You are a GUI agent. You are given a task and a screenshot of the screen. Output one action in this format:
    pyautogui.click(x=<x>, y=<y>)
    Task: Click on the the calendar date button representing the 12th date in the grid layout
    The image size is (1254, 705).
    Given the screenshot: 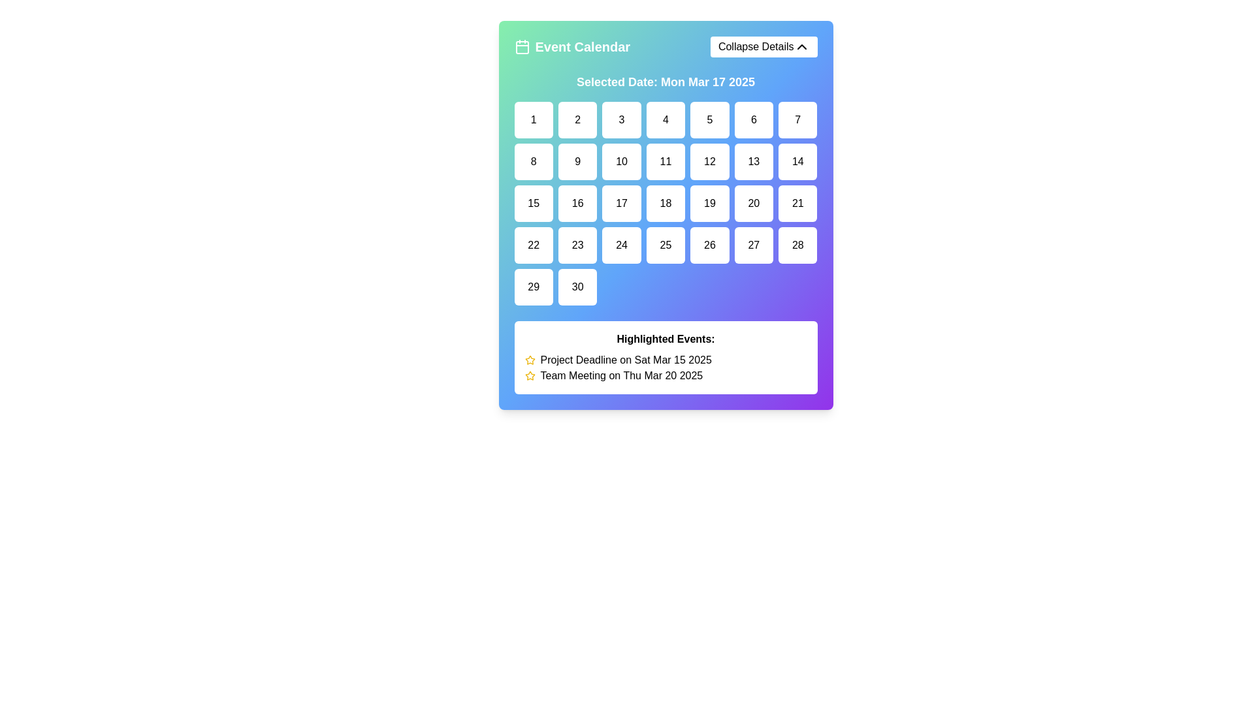 What is the action you would take?
    pyautogui.click(x=709, y=161)
    